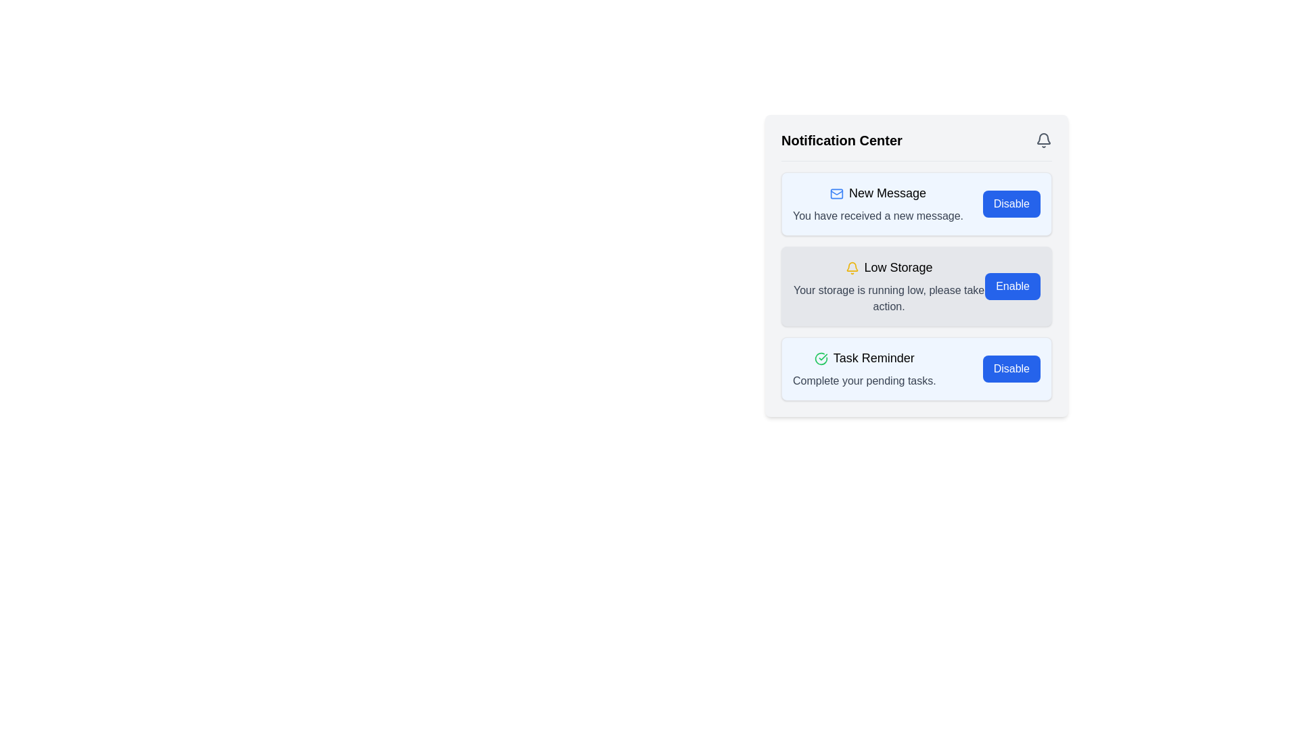  I want to click on the title text element located below the 'New Message' notification and above 'Task Reminder', which serves as a heading for the notification message, so click(889, 268).